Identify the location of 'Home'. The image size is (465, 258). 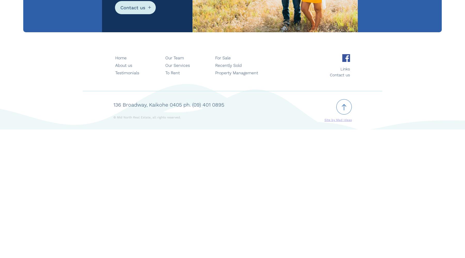
(121, 58).